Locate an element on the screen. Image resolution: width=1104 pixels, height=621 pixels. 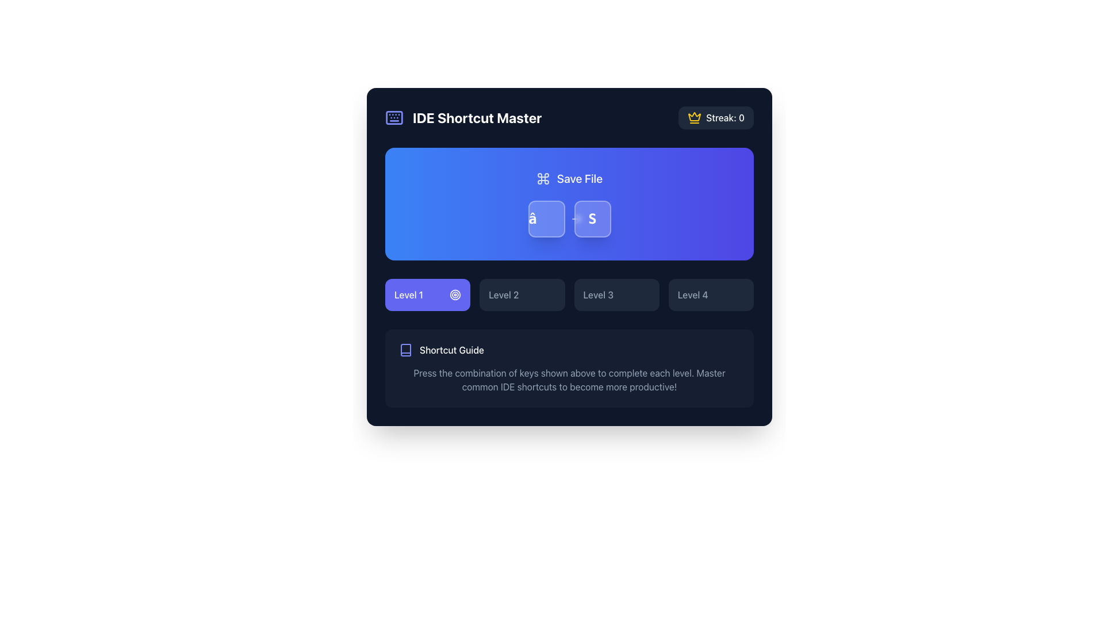
the informational section labeled 'Shortcut Guide' which features a dark background and a book icon on the left, located near the bottom center of the interface is located at coordinates (569, 368).